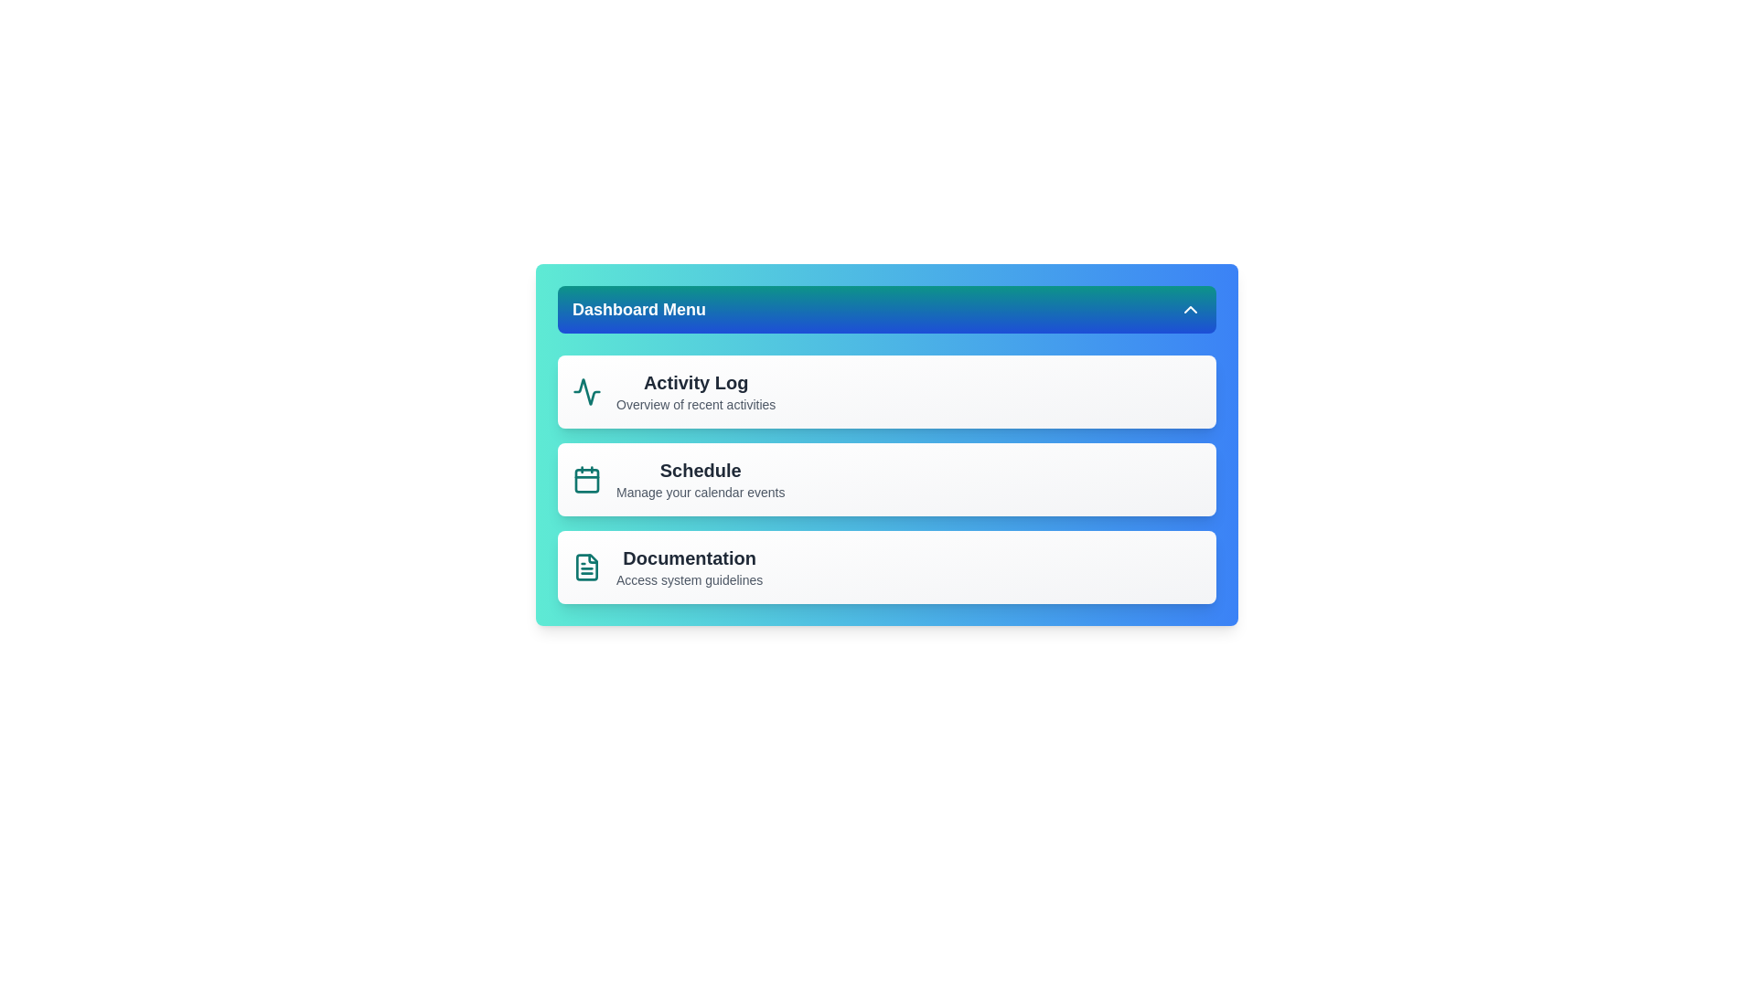 This screenshot has width=1756, height=987. I want to click on the icon associated with Activity Log, so click(587, 390).